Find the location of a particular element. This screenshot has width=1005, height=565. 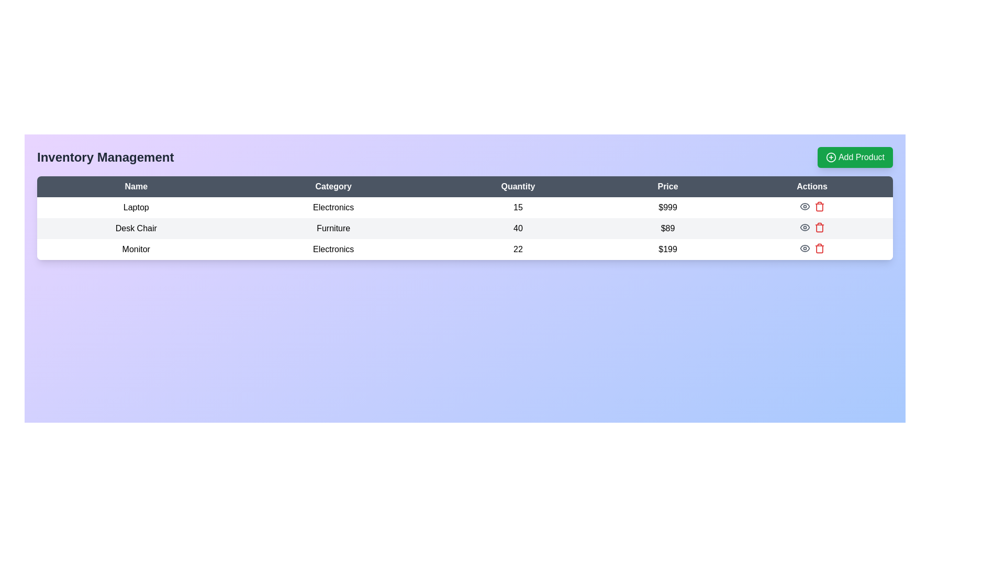

the 'Add Product' button, which contains a circular green icon at the upper-right corner of the UI is located at coordinates (831, 157).